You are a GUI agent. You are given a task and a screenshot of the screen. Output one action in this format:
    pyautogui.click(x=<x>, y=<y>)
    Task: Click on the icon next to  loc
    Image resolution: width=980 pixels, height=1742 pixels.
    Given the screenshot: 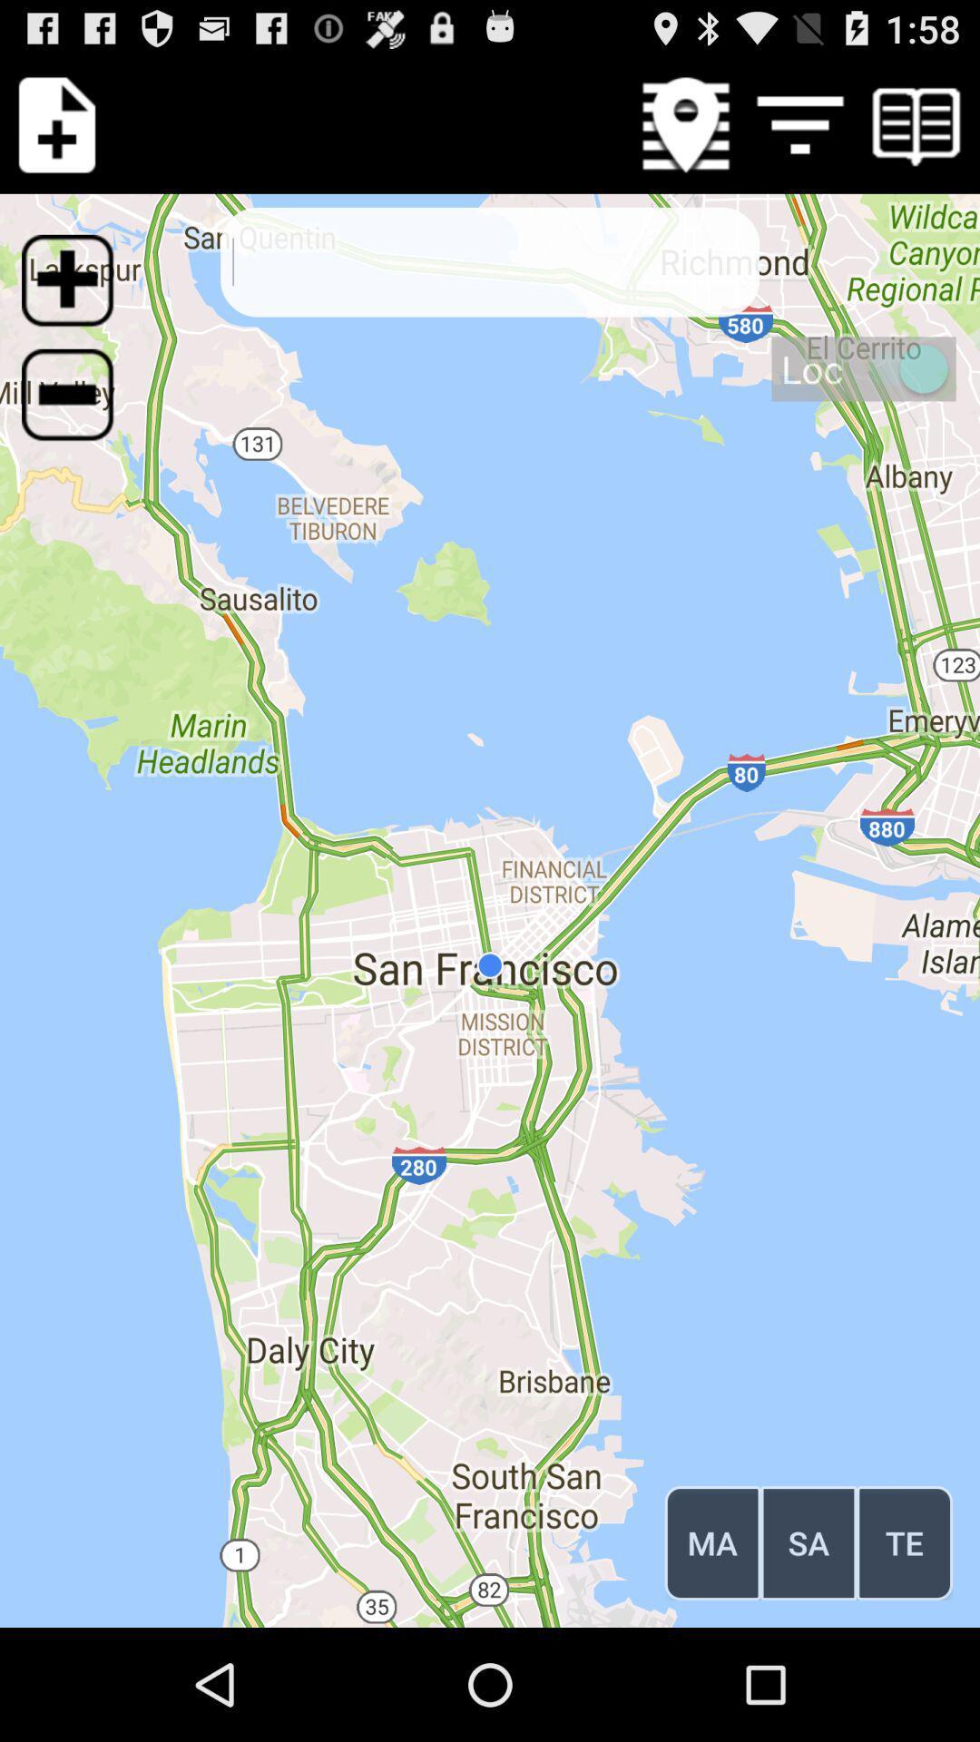 What is the action you would take?
    pyautogui.click(x=78, y=405)
    